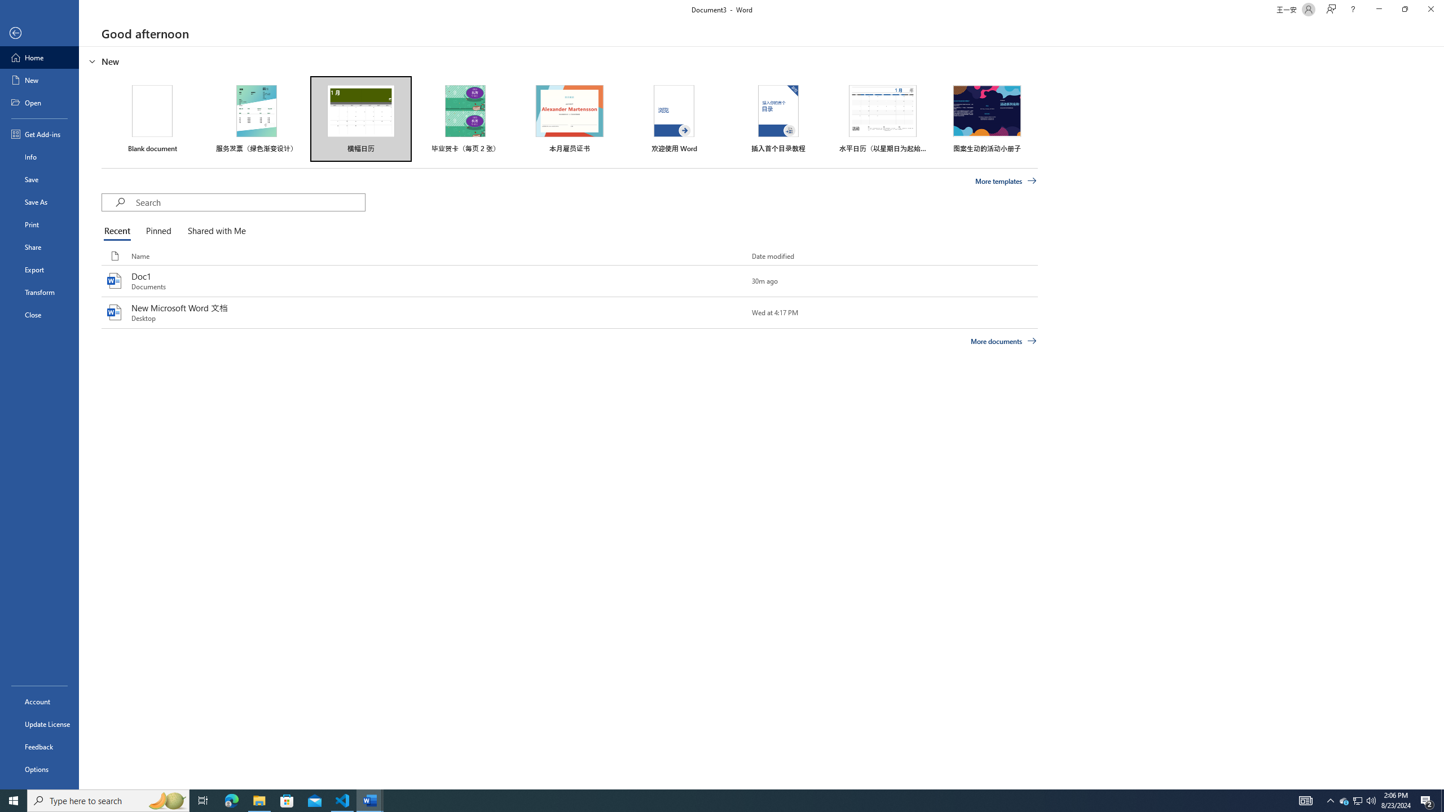 The width and height of the screenshot is (1444, 812). I want to click on 'Search', so click(250, 201).